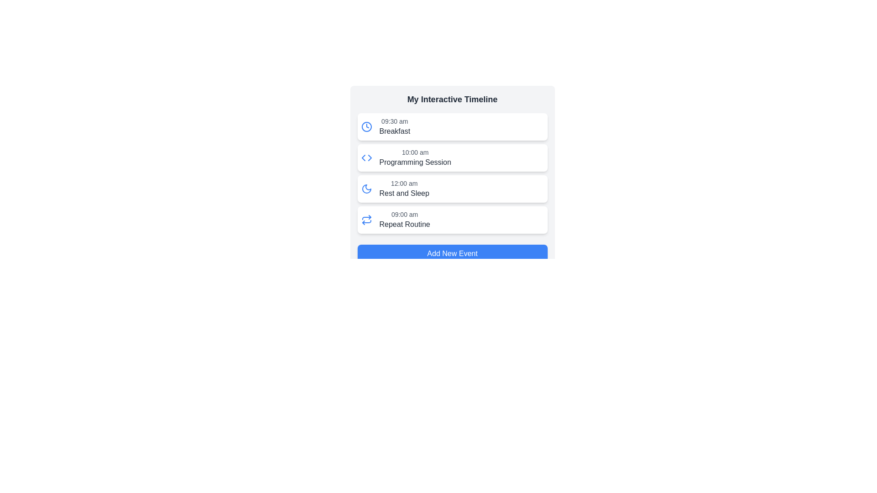  I want to click on the 'Rest and Sleep' timeline list item, which is the third entry in a vertical list of time and task pairs, located between '10:00 am Programming Session' and '09:00 am Repeat Routine', so click(403, 188).